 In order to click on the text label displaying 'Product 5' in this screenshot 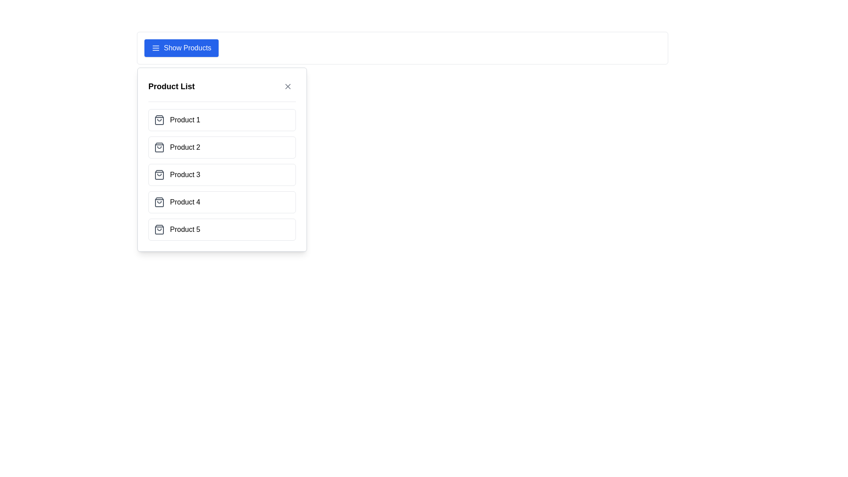, I will do `click(185, 229)`.